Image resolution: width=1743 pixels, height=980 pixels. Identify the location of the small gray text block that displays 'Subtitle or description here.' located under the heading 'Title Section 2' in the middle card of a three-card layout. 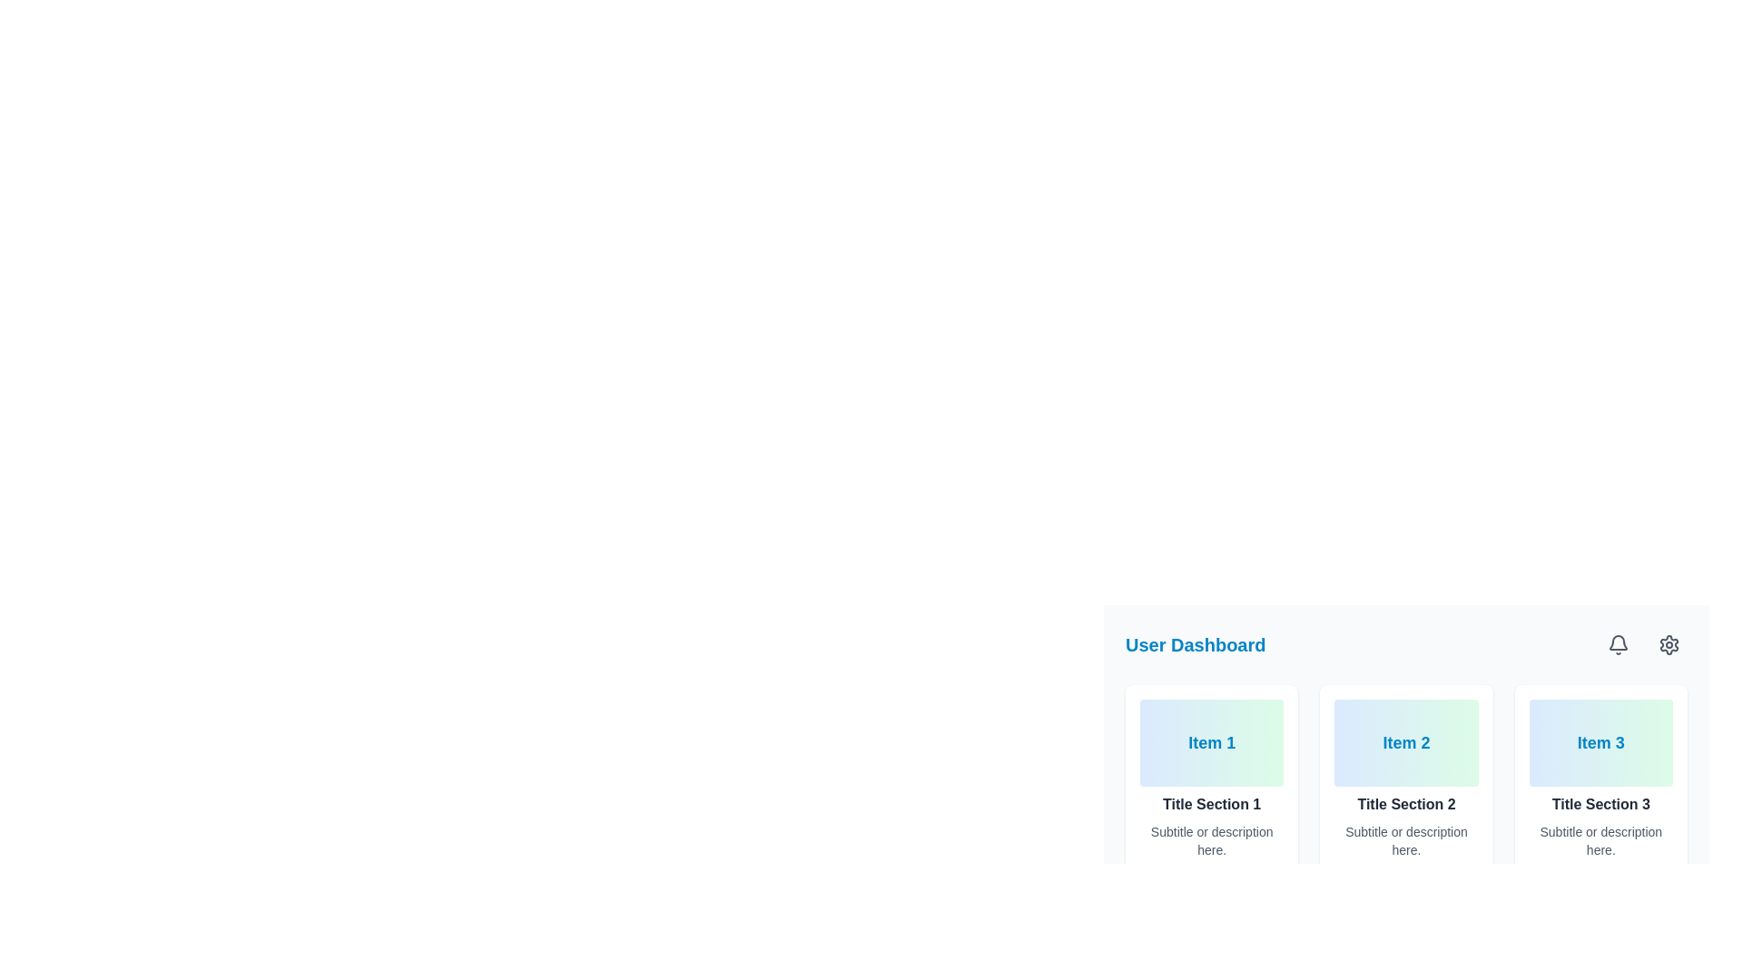
(1405, 840).